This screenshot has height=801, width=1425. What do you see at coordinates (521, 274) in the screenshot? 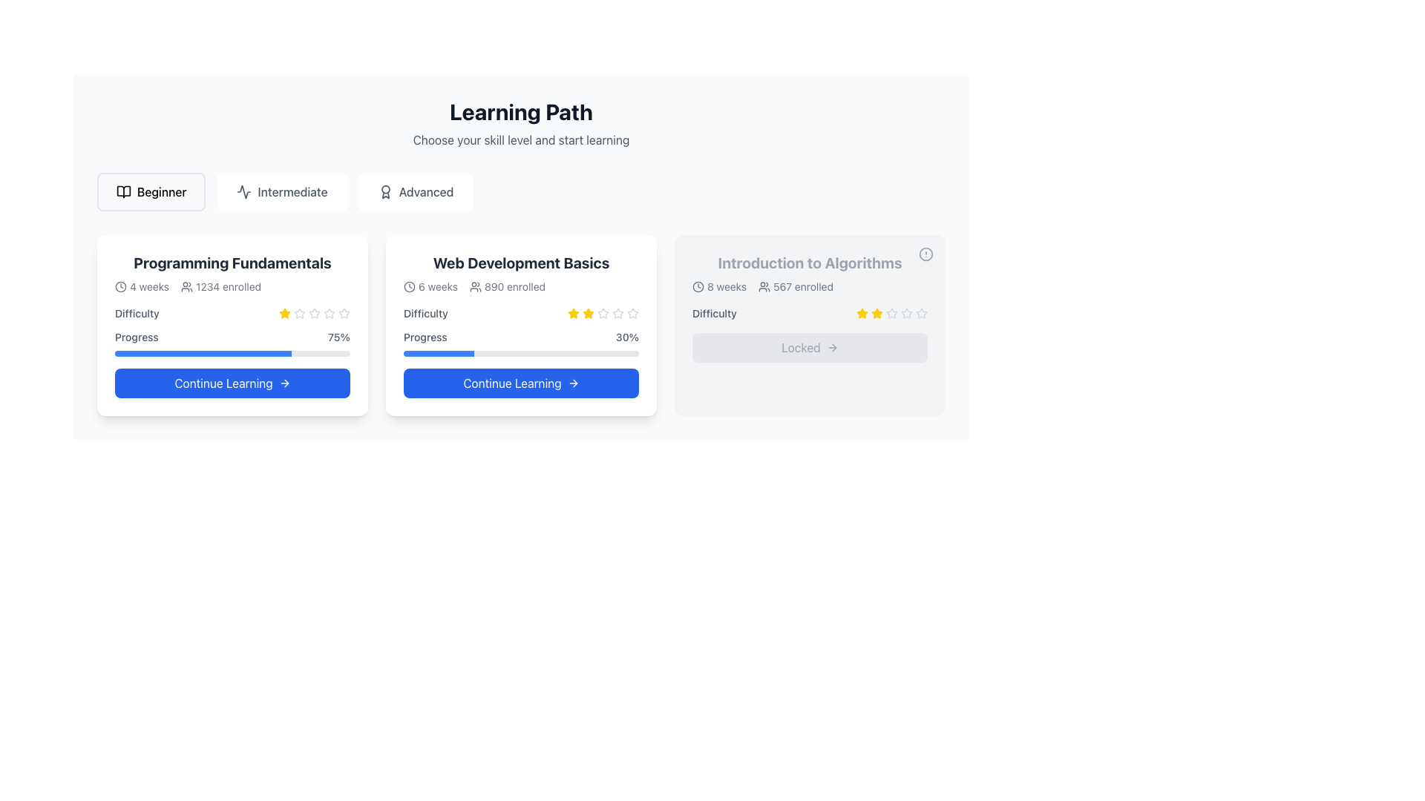
I see `the informational block displaying the course title 'Web Development Basics' along with its duration and participant count` at bounding box center [521, 274].